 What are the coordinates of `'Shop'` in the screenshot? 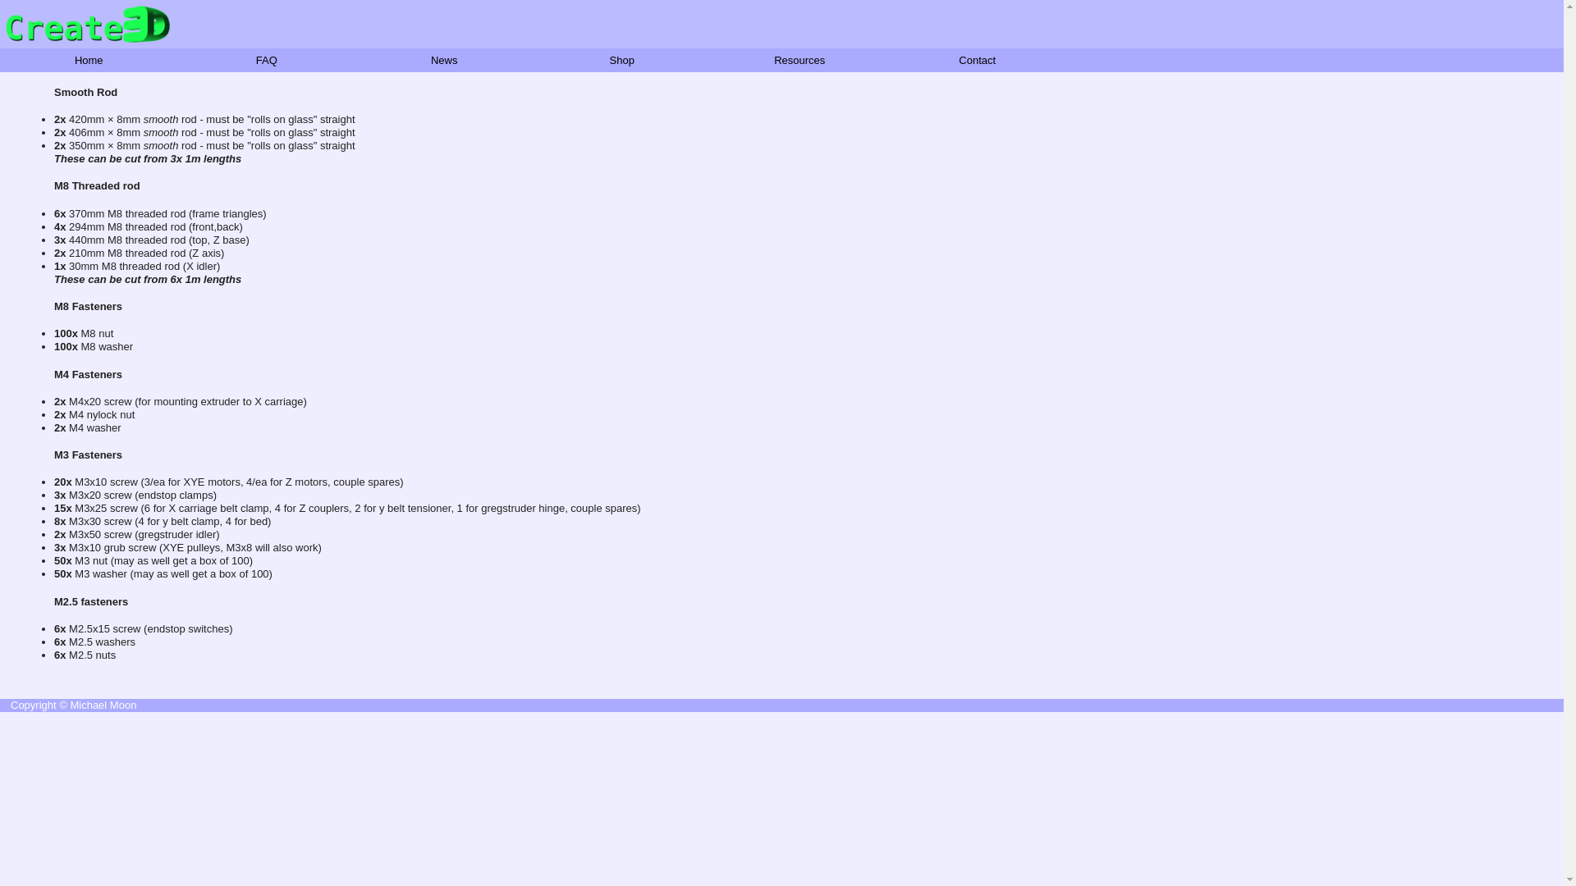 It's located at (621, 59).